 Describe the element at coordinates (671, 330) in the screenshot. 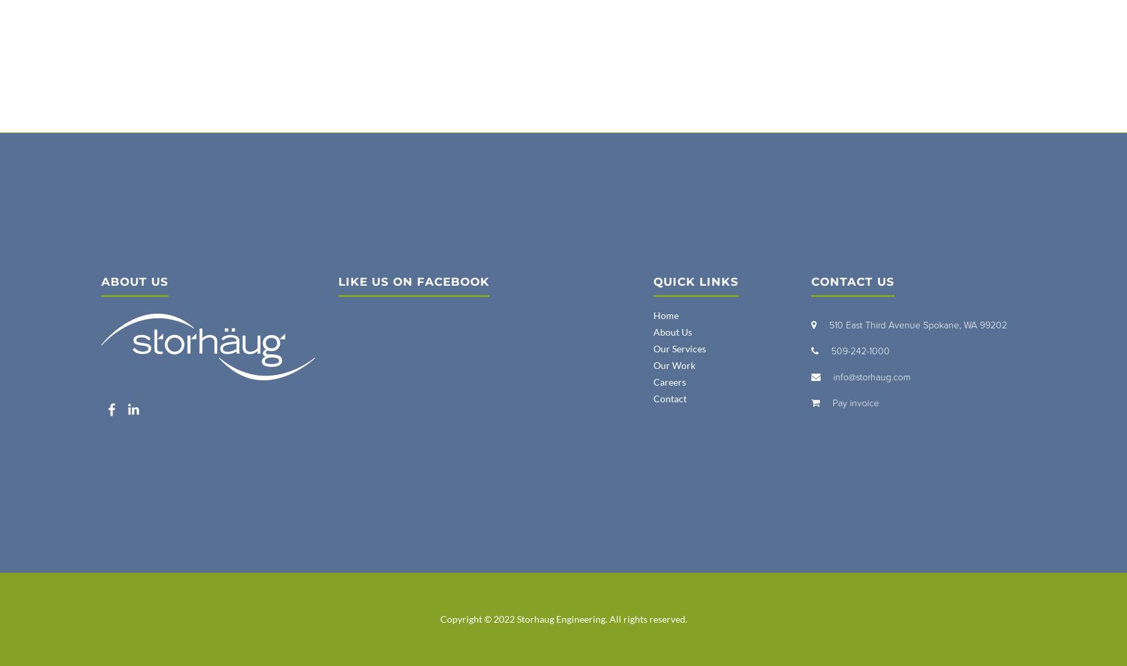

I see `'About Us'` at that location.